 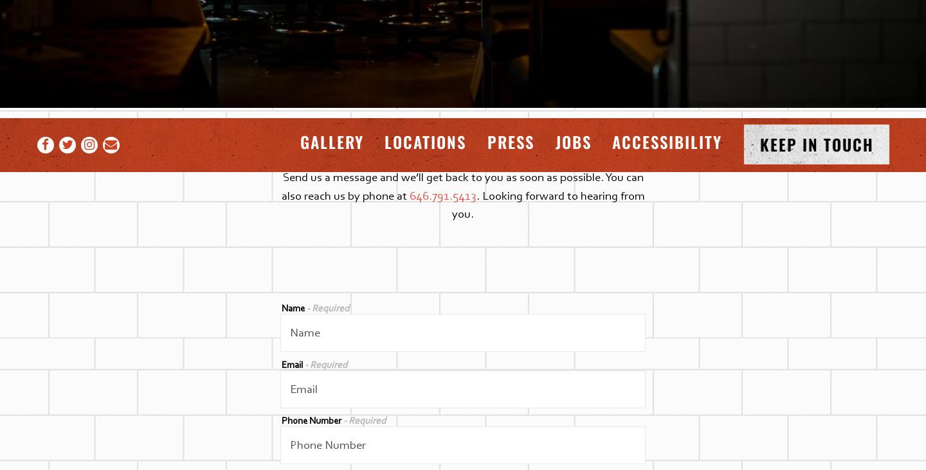 What do you see at coordinates (408, 195) in the screenshot?
I see `'646.791.5413'` at bounding box center [408, 195].